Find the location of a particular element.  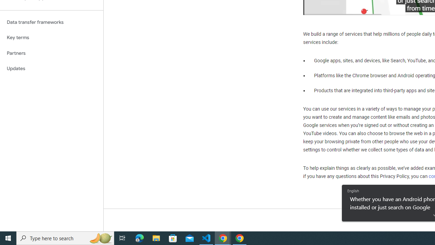

'Data transfer frameworks' is located at coordinates (51, 22).